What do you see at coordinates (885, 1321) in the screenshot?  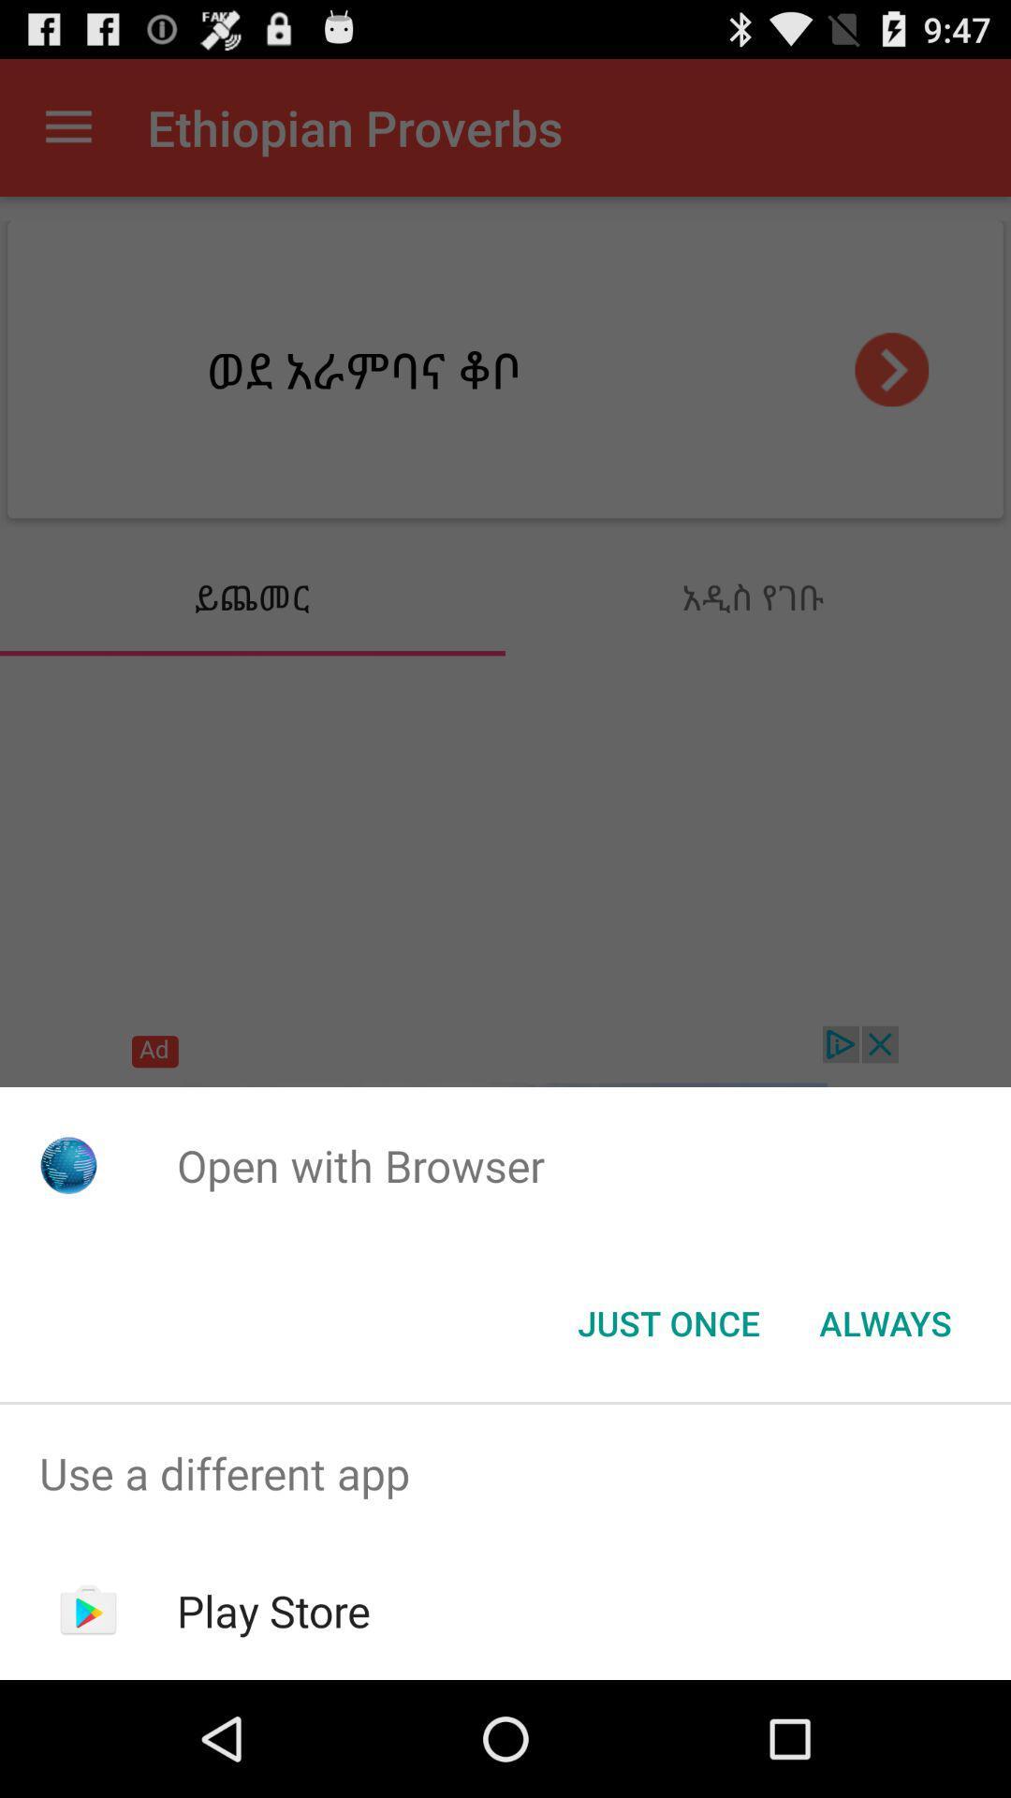 I see `the button to the right of the just once icon` at bounding box center [885, 1321].